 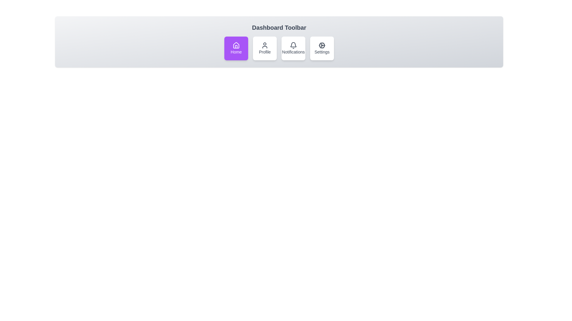 What do you see at coordinates (321, 48) in the screenshot?
I see `the Settings toolbar item to activate it` at bounding box center [321, 48].